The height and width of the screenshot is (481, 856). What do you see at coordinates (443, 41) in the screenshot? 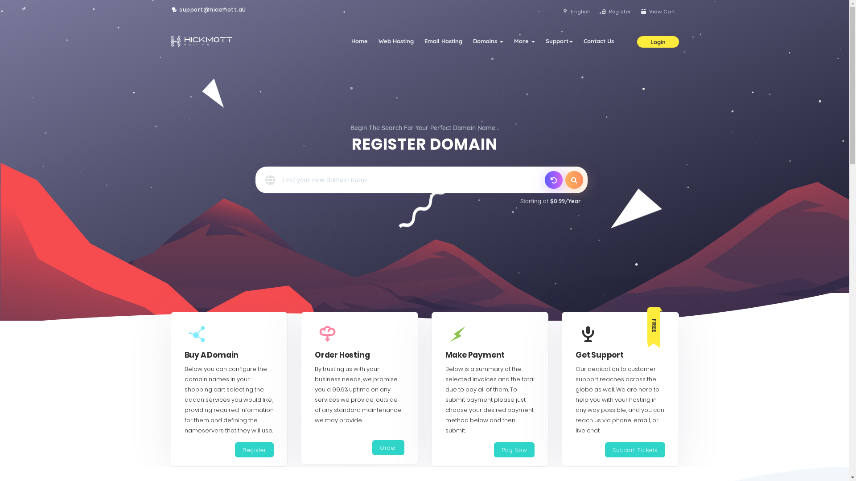
I see `'Email Hosting'` at bounding box center [443, 41].